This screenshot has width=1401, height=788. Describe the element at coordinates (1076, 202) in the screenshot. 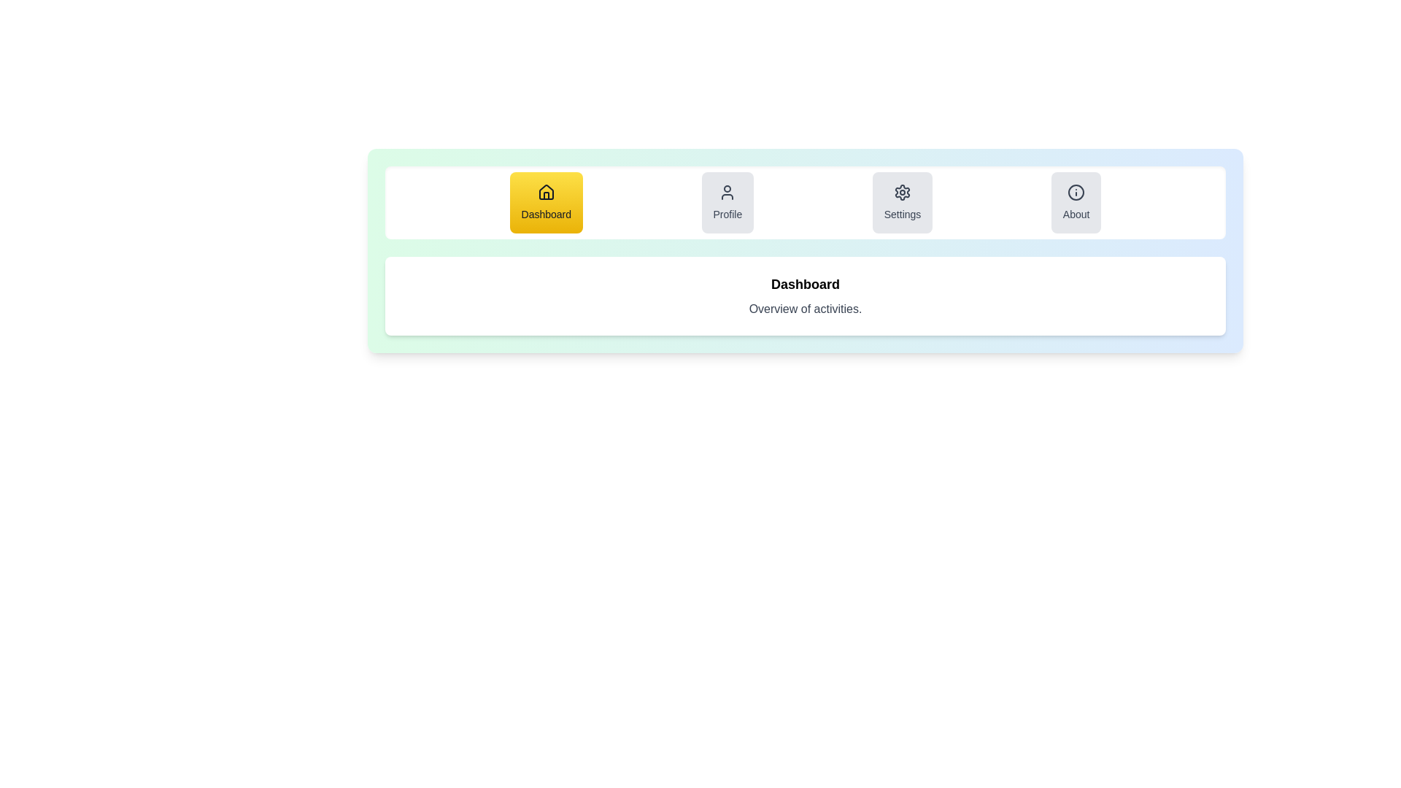

I see `the About tab by clicking on its button` at that location.